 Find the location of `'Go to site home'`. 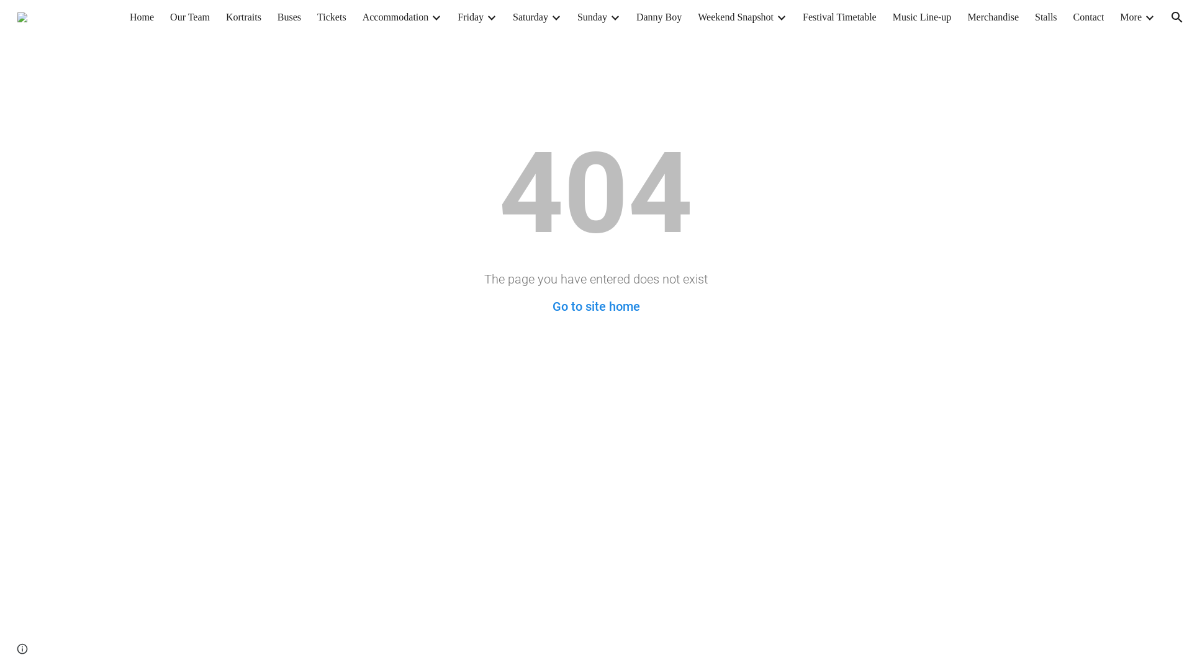

'Go to site home' is located at coordinates (551, 306).